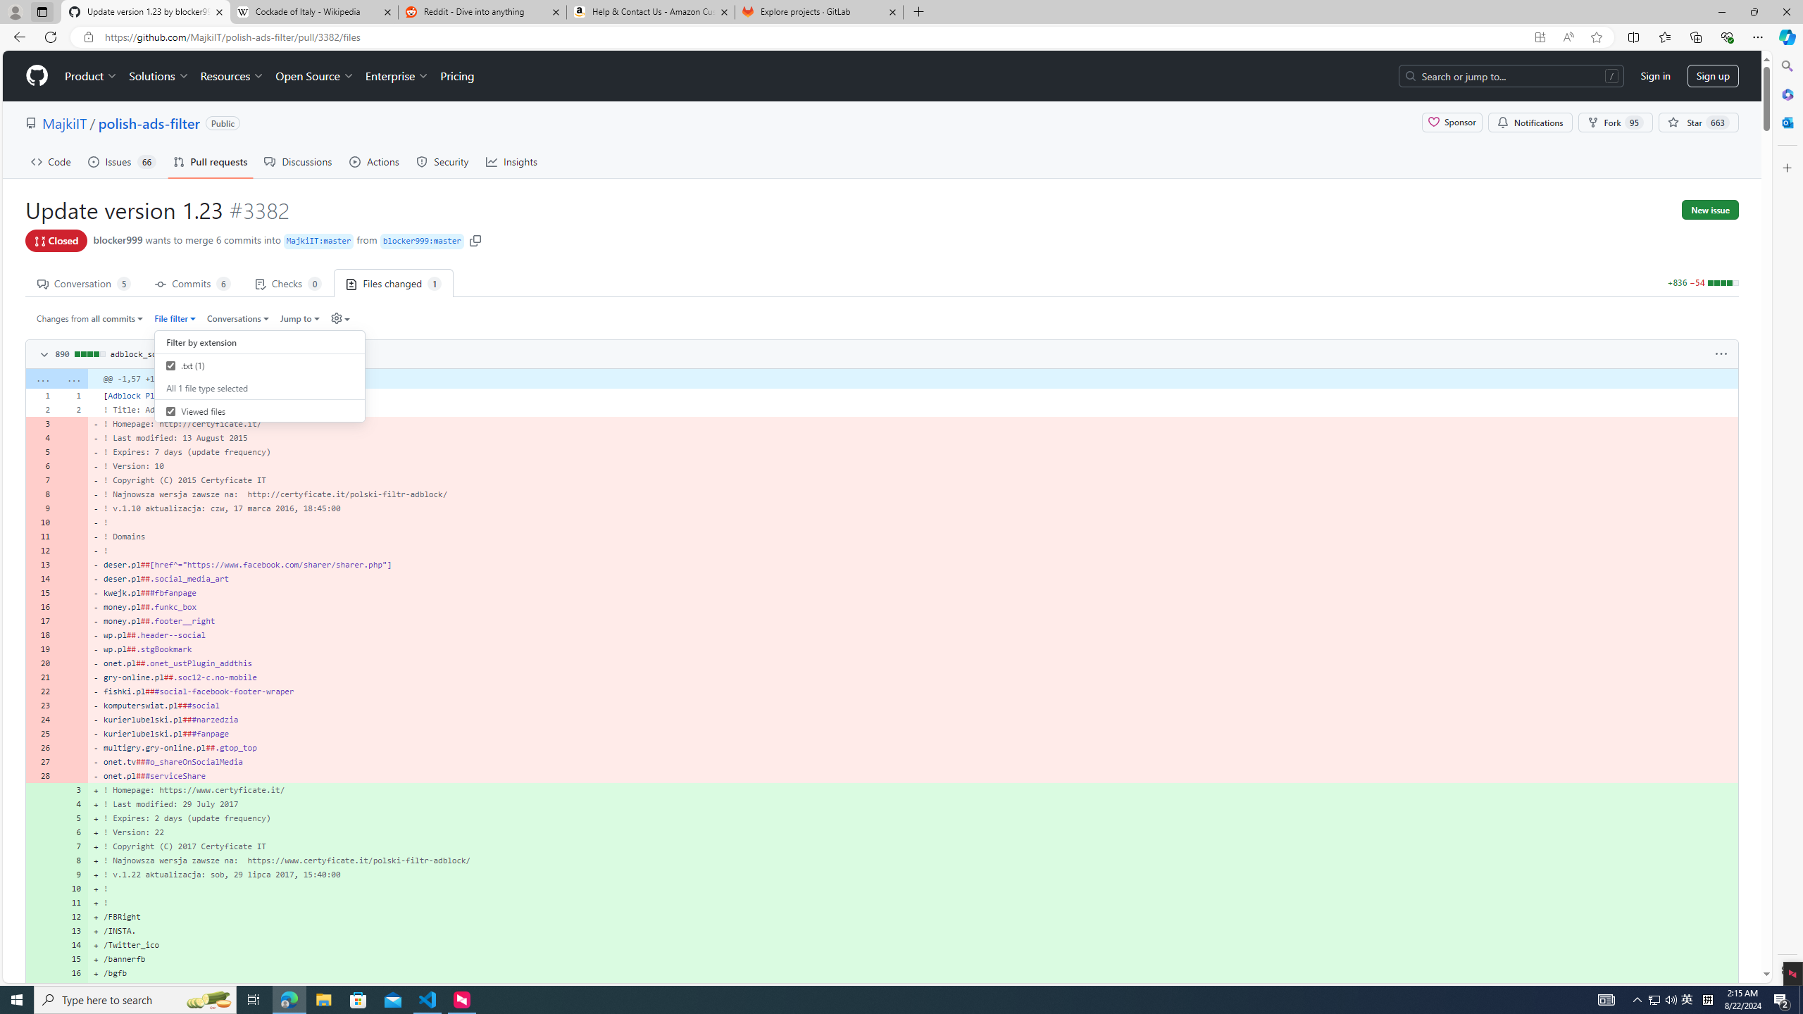 The height and width of the screenshot is (1014, 1803). What do you see at coordinates (51, 161) in the screenshot?
I see `'Code'` at bounding box center [51, 161].